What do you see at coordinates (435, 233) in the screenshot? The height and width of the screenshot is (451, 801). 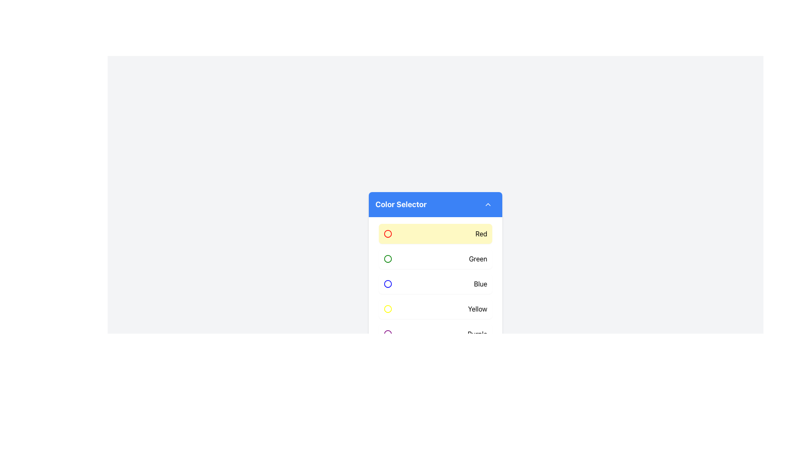 I see `the first selectable list item labeled 'Red'` at bounding box center [435, 233].